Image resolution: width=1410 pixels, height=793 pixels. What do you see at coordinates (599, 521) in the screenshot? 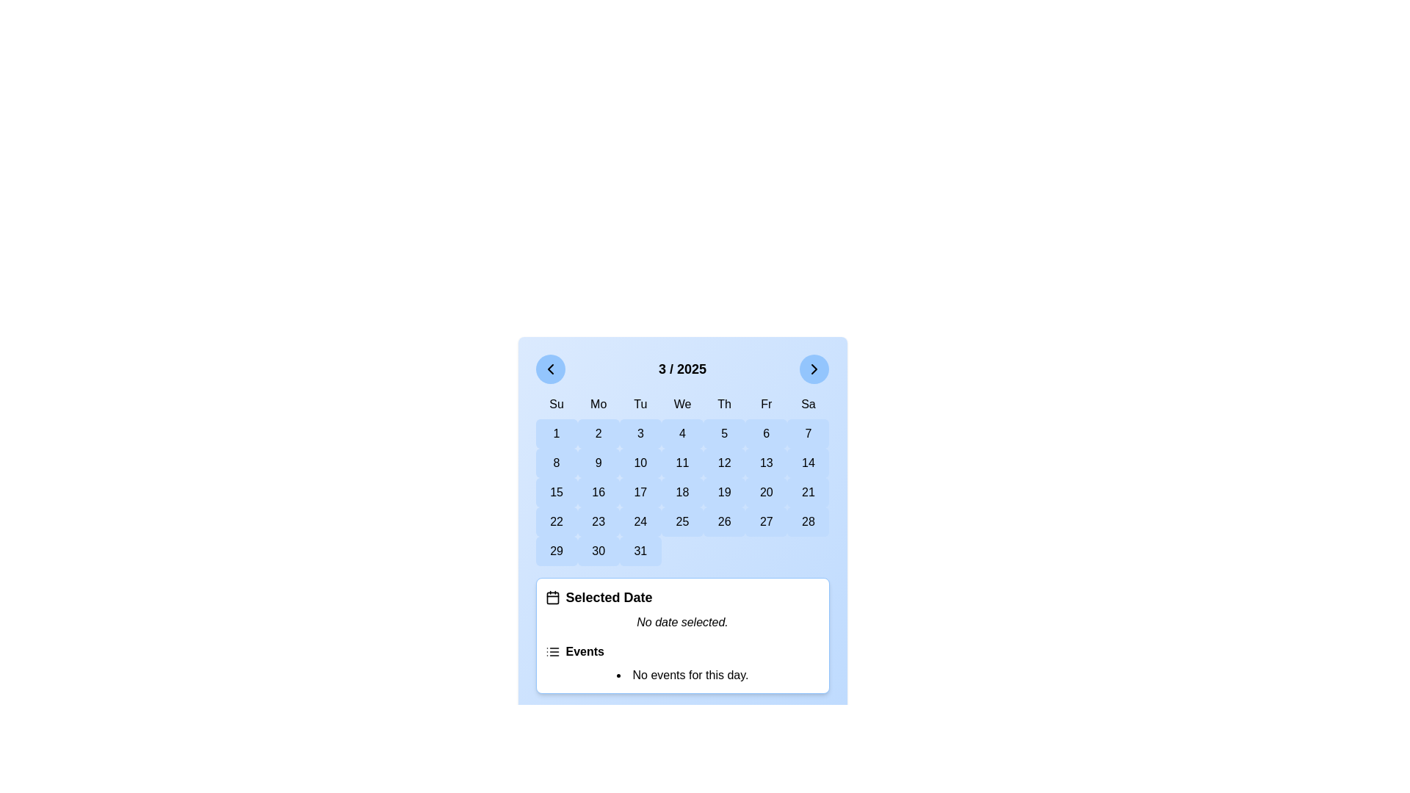
I see `the calendar day button displaying the number '23' with a light blue background` at bounding box center [599, 521].